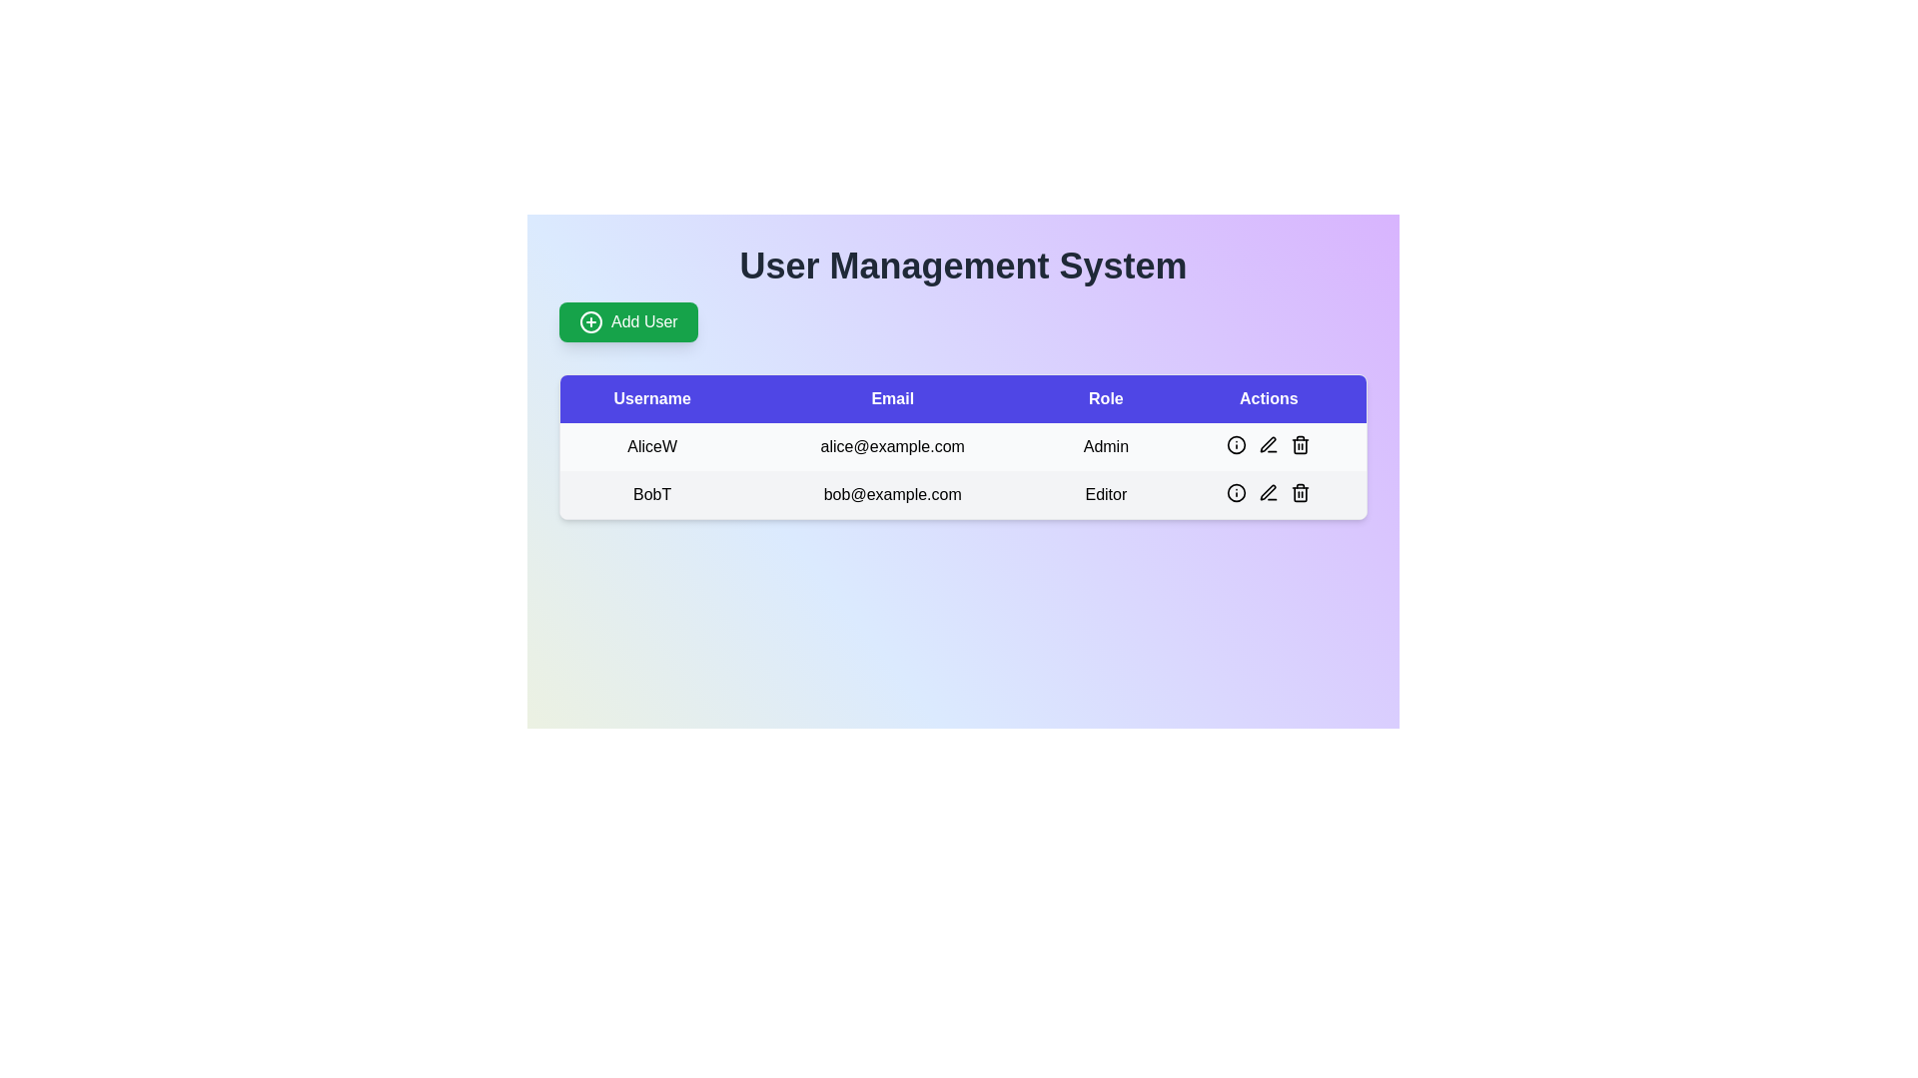 The image size is (1918, 1078). Describe the element at coordinates (1105, 445) in the screenshot. I see `the static text displaying the role of user 'AliceW' in the third column of the first row of the content table, under the 'Role' header` at that location.